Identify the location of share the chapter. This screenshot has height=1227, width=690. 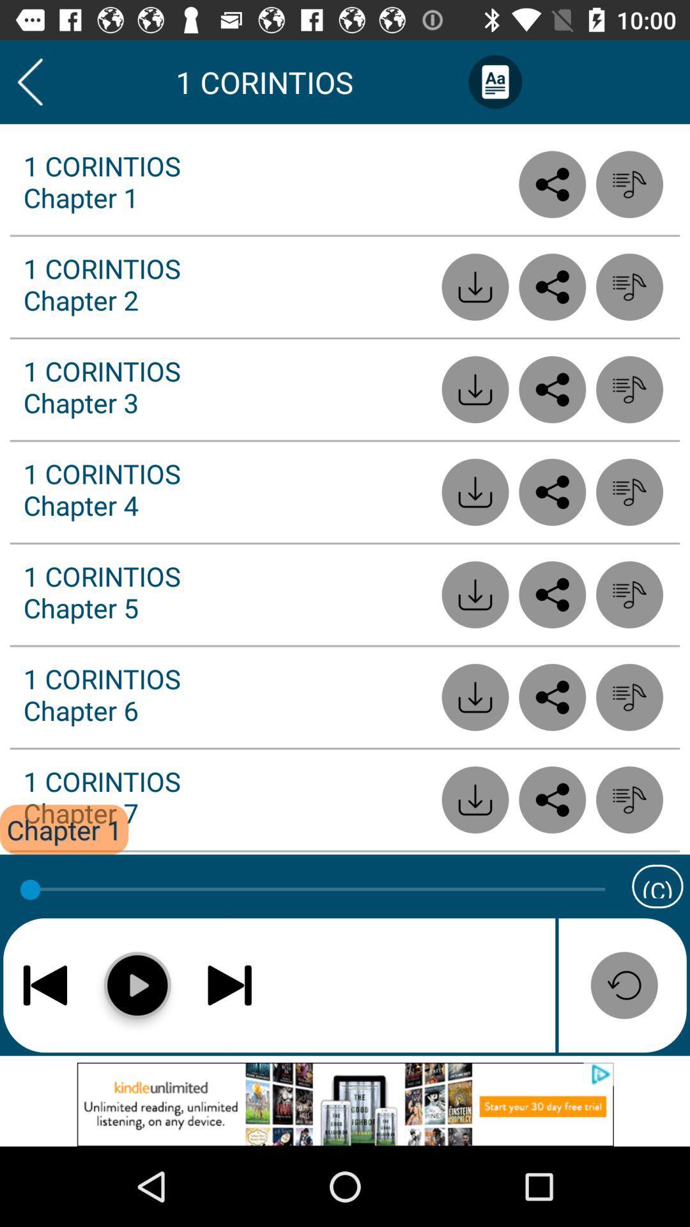
(551, 286).